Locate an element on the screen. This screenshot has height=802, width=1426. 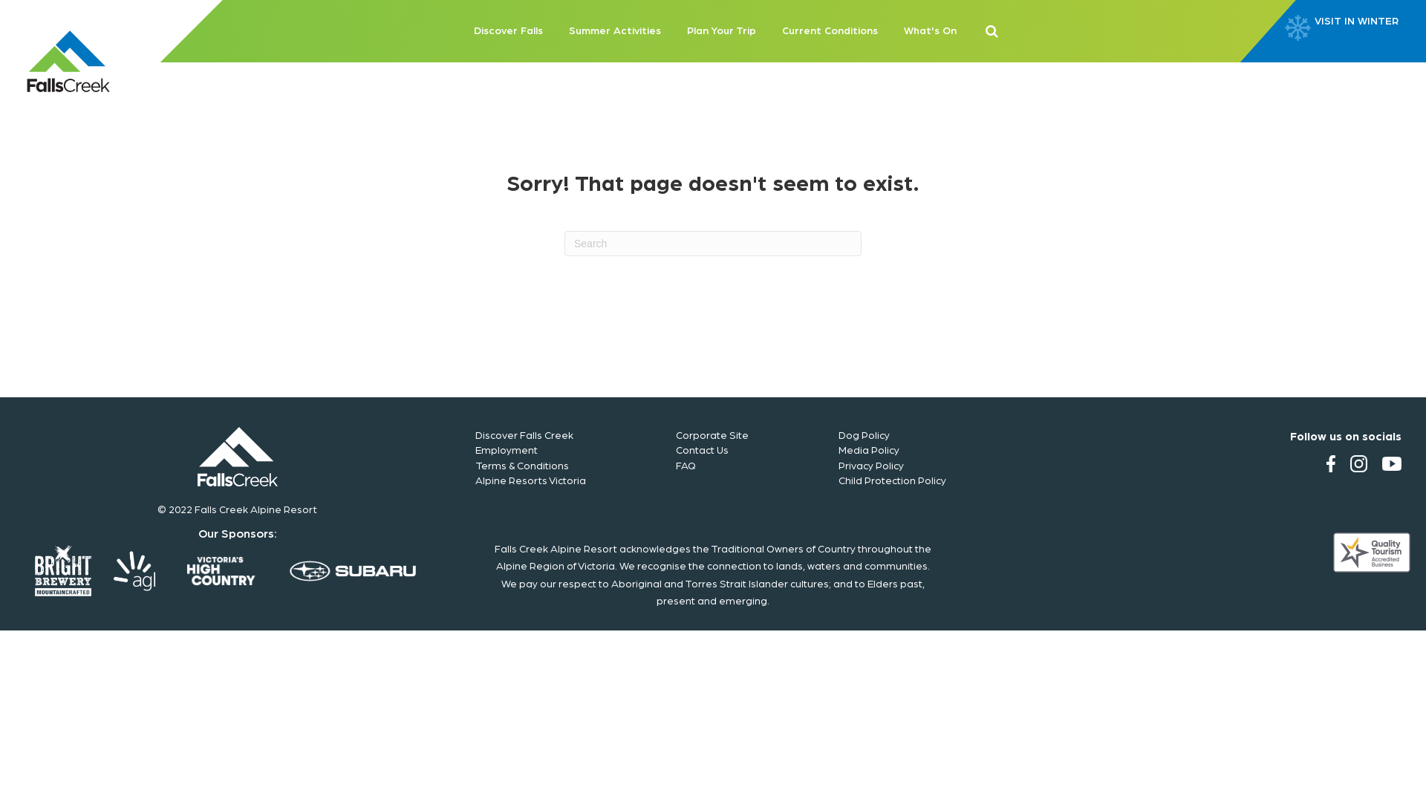
'Current Conditions' is located at coordinates (828, 31).